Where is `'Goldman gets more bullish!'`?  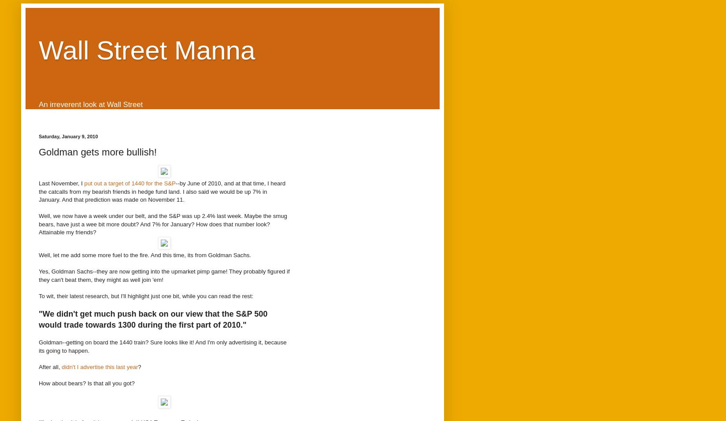 'Goldman gets more bullish!' is located at coordinates (97, 151).